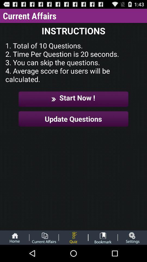  What do you see at coordinates (44, 237) in the screenshot?
I see `current affairs` at bounding box center [44, 237].